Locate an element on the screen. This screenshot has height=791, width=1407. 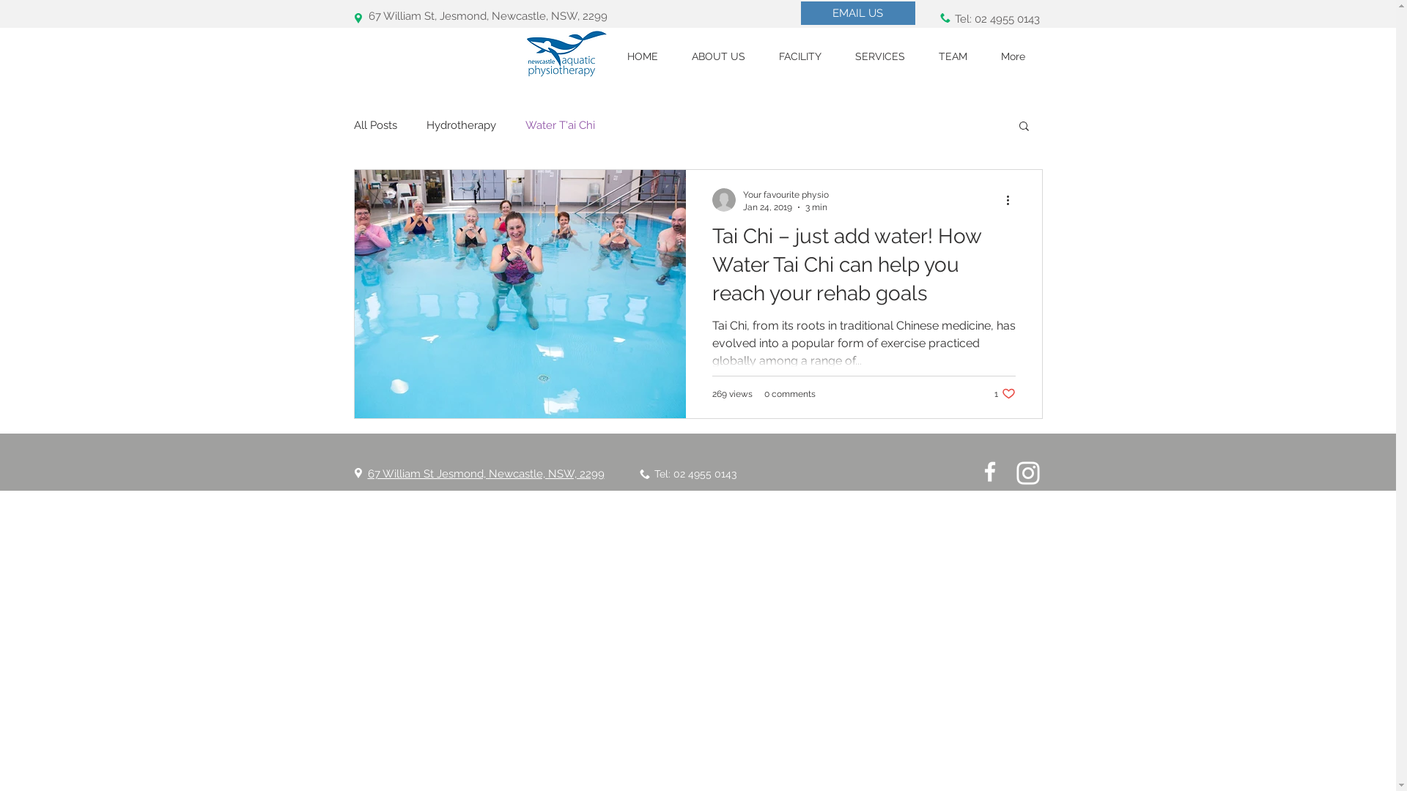
'FACILITY' is located at coordinates (762, 56).